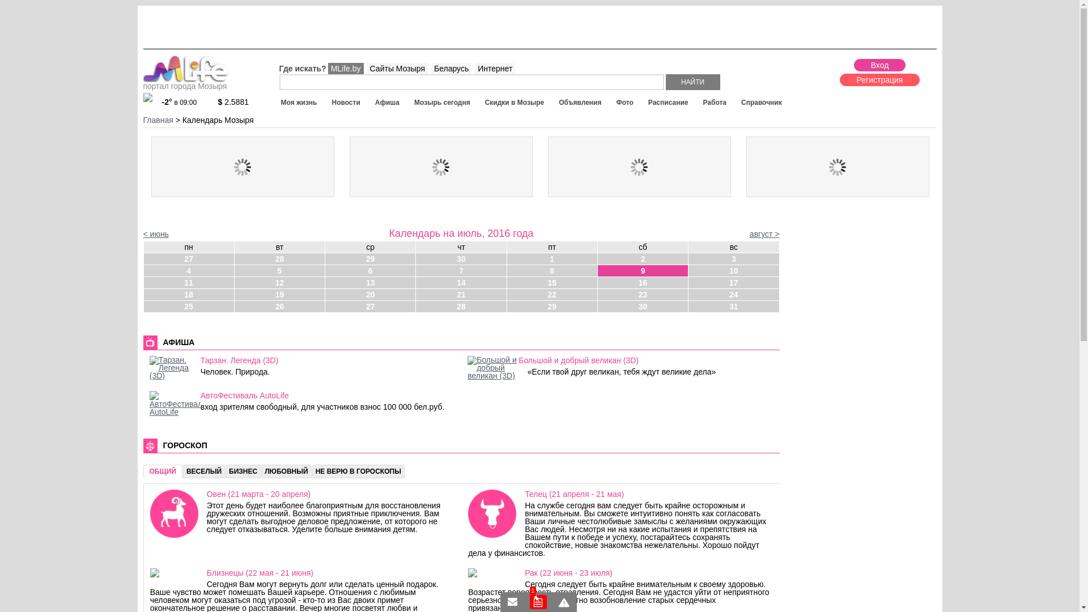 The height and width of the screenshot is (612, 1088). What do you see at coordinates (189, 306) in the screenshot?
I see `'25'` at bounding box center [189, 306].